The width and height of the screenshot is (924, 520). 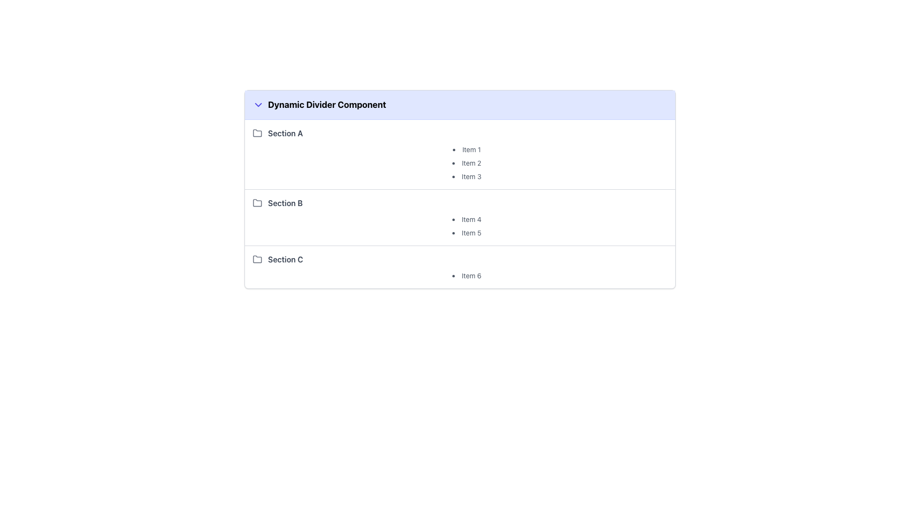 What do you see at coordinates (257, 258) in the screenshot?
I see `the icon indicating the folder related to 'Section C', which is the third section in the list` at bounding box center [257, 258].